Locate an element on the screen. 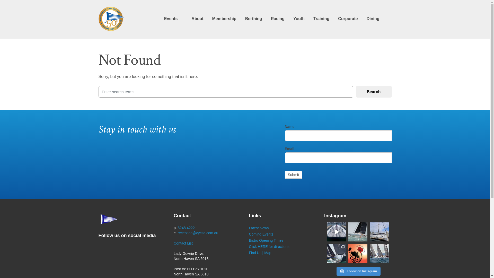  'Submit' is located at coordinates (293, 174).